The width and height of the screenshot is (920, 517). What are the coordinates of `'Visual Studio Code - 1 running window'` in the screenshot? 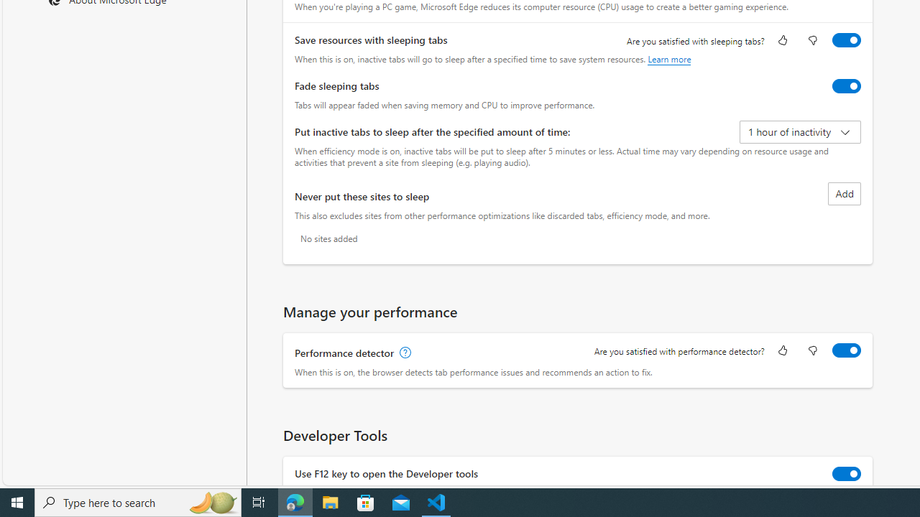 It's located at (436, 501).